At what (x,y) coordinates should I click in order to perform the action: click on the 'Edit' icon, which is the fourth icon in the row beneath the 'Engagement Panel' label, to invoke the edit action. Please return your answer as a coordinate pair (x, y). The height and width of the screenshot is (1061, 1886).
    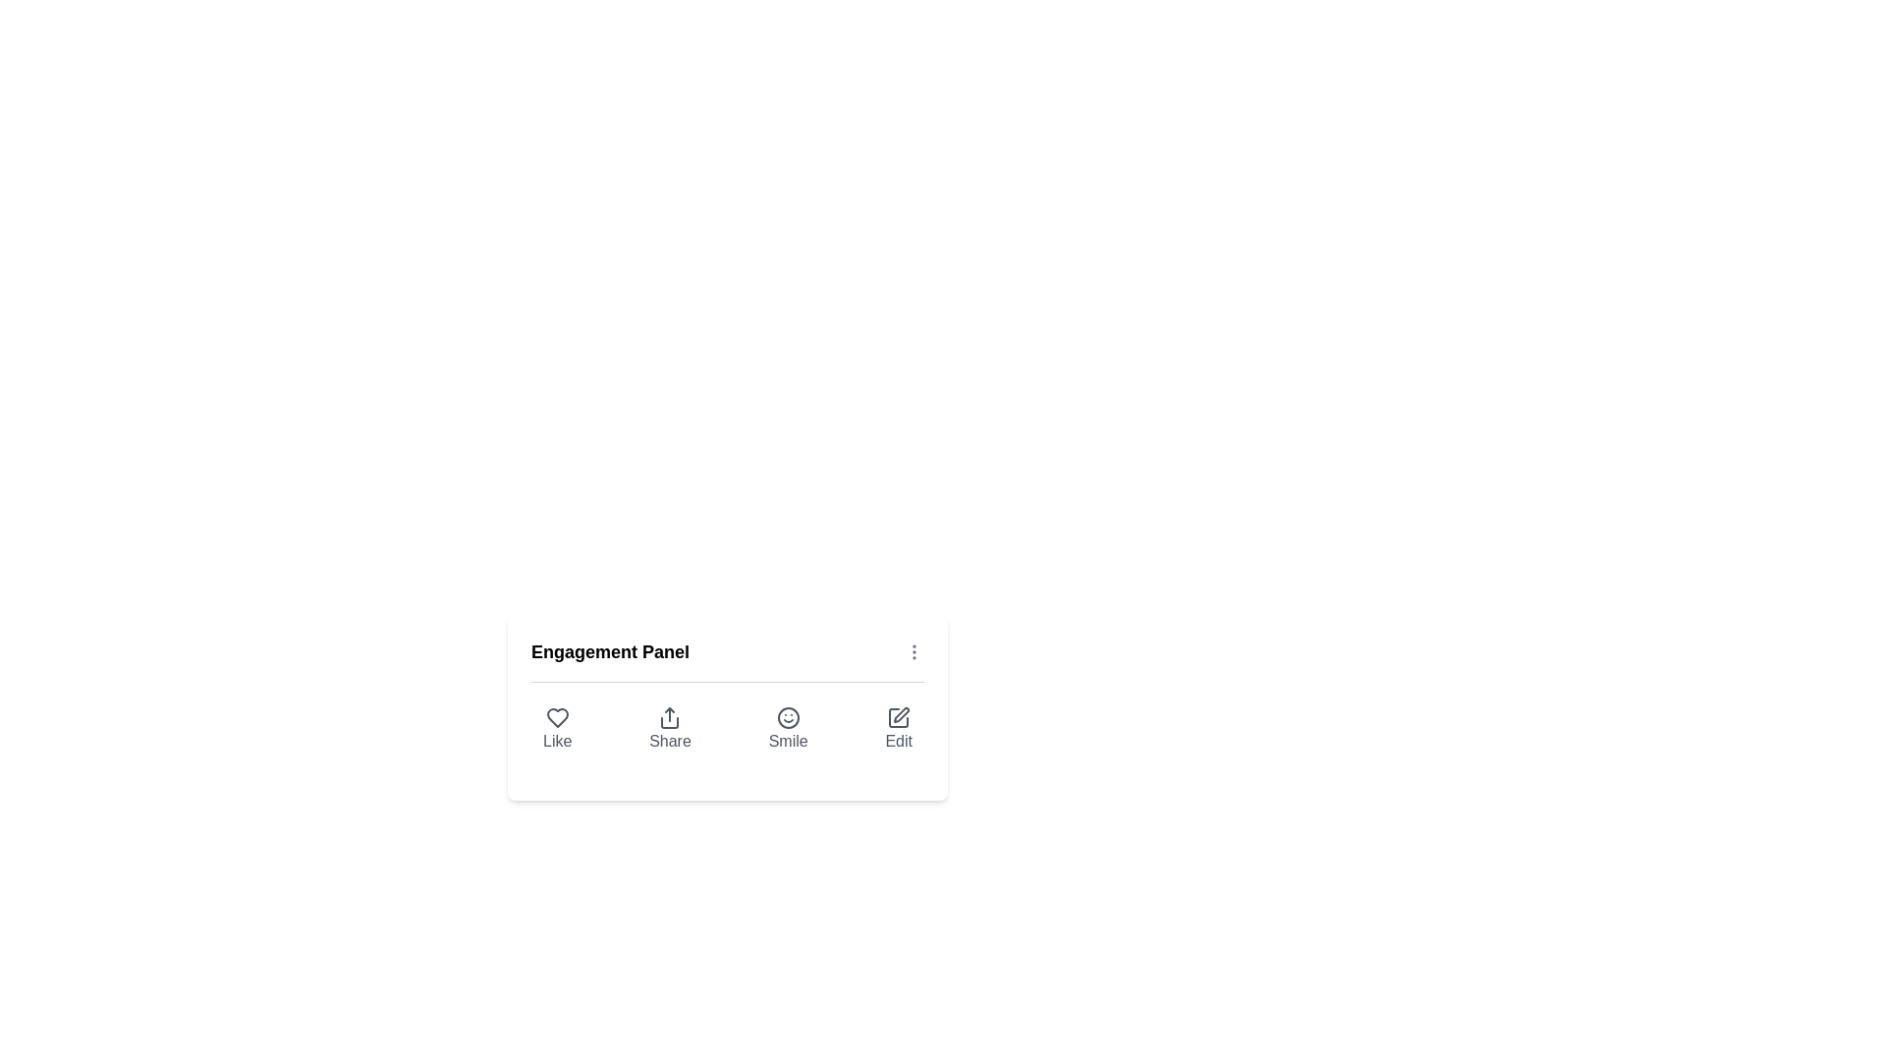
    Looking at the image, I should click on (898, 718).